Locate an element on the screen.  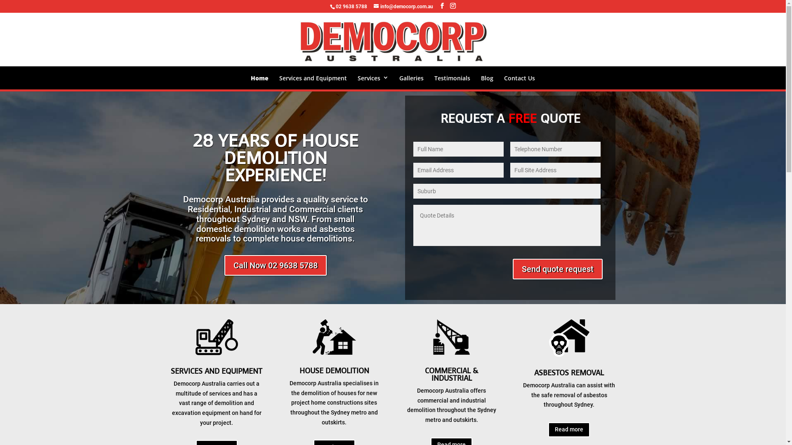
'Contact Us' is located at coordinates (504, 78).